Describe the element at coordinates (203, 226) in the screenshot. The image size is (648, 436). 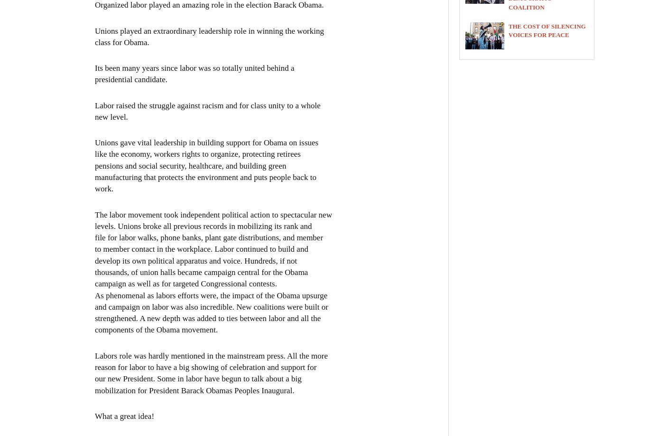
I see `'levels. Unions broke all previous records in mobilizing its rank and'` at that location.